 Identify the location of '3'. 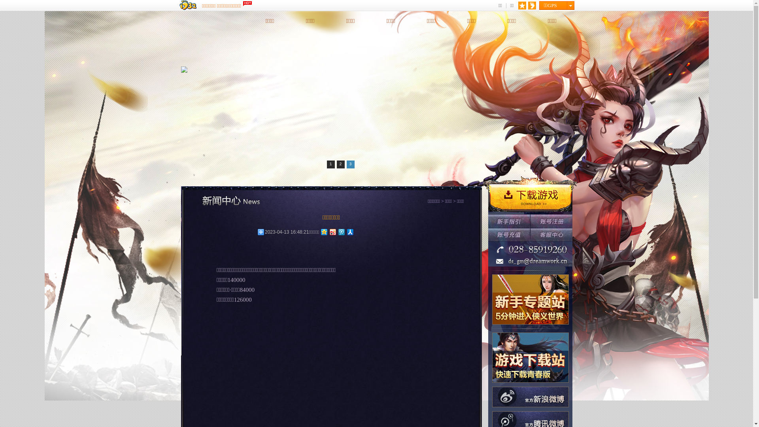
(346, 164).